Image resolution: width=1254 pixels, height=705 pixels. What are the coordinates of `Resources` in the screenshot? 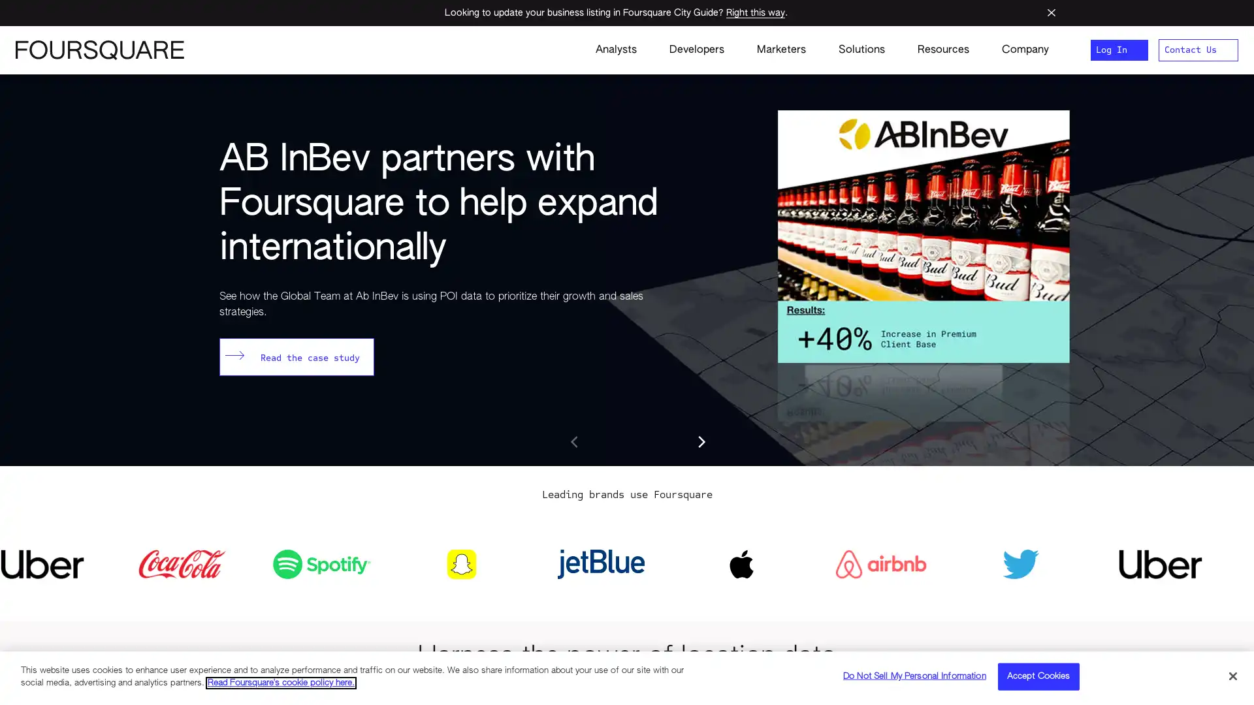 It's located at (943, 50).